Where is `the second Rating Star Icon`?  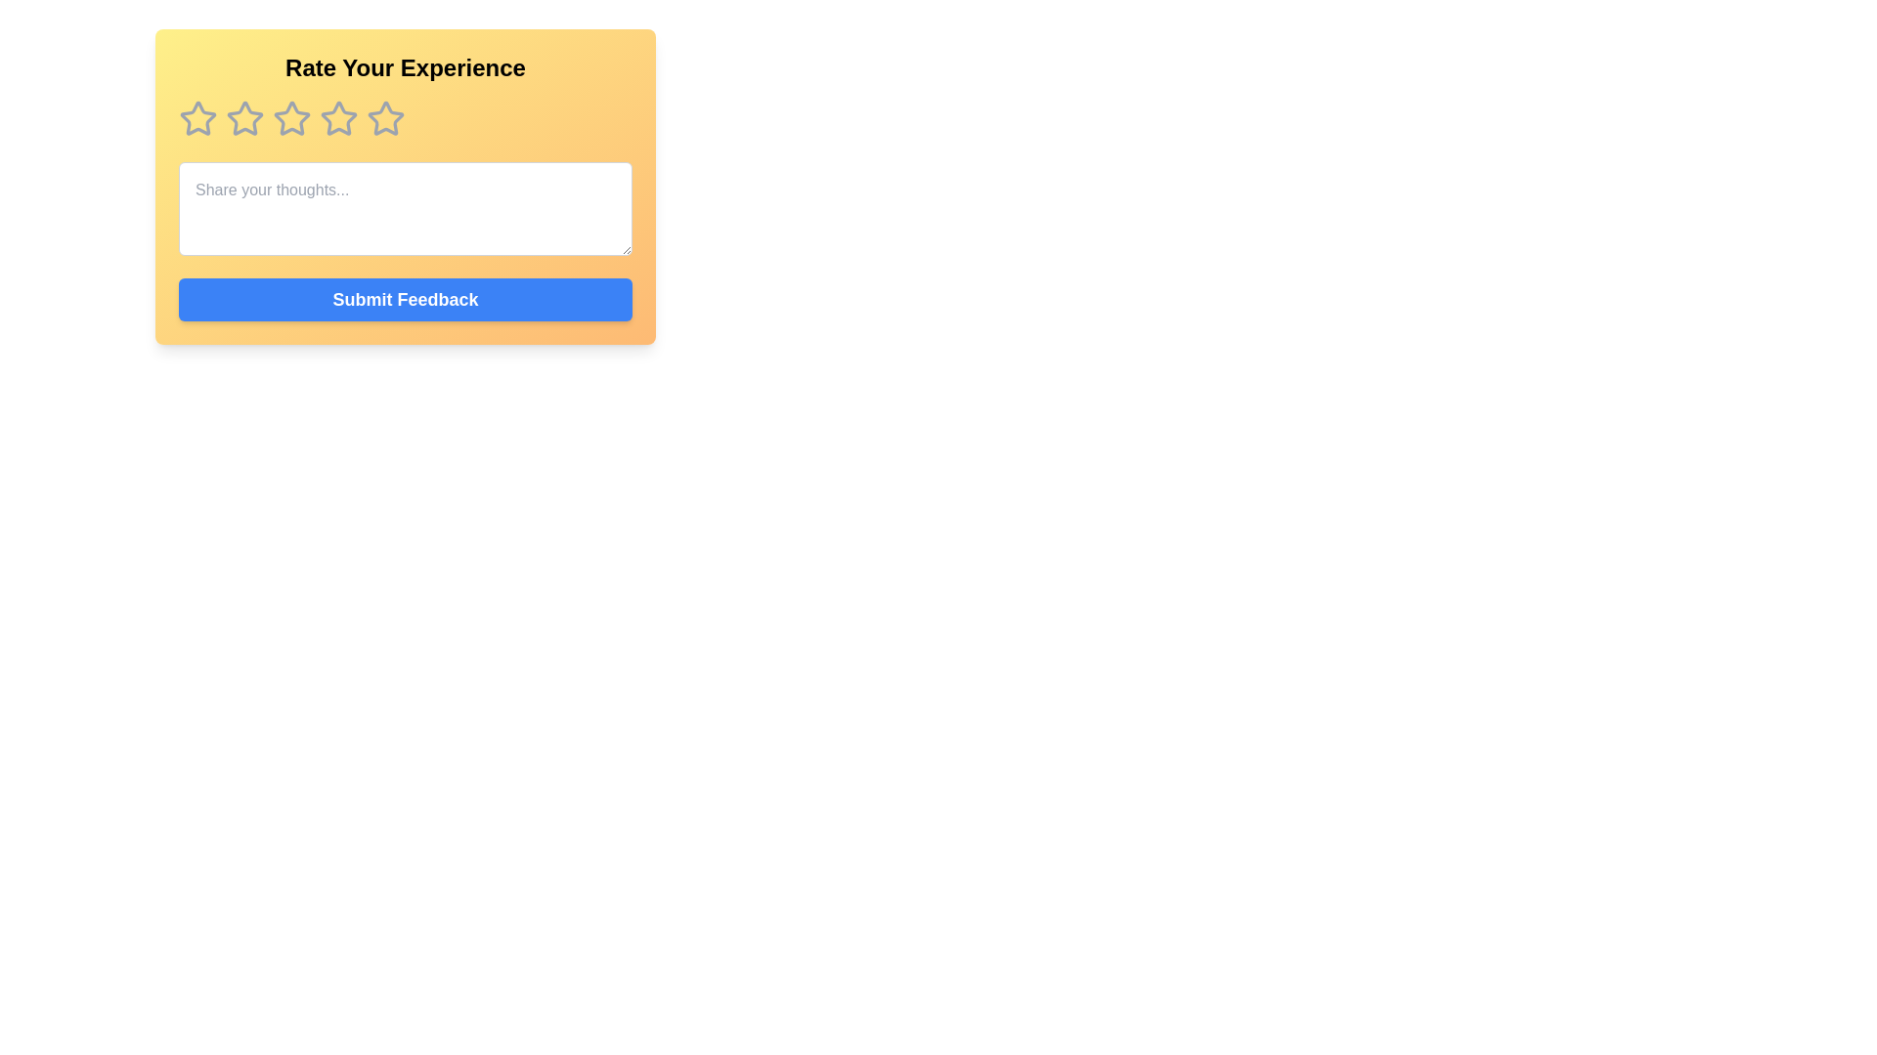
the second Rating Star Icon is located at coordinates (290, 118).